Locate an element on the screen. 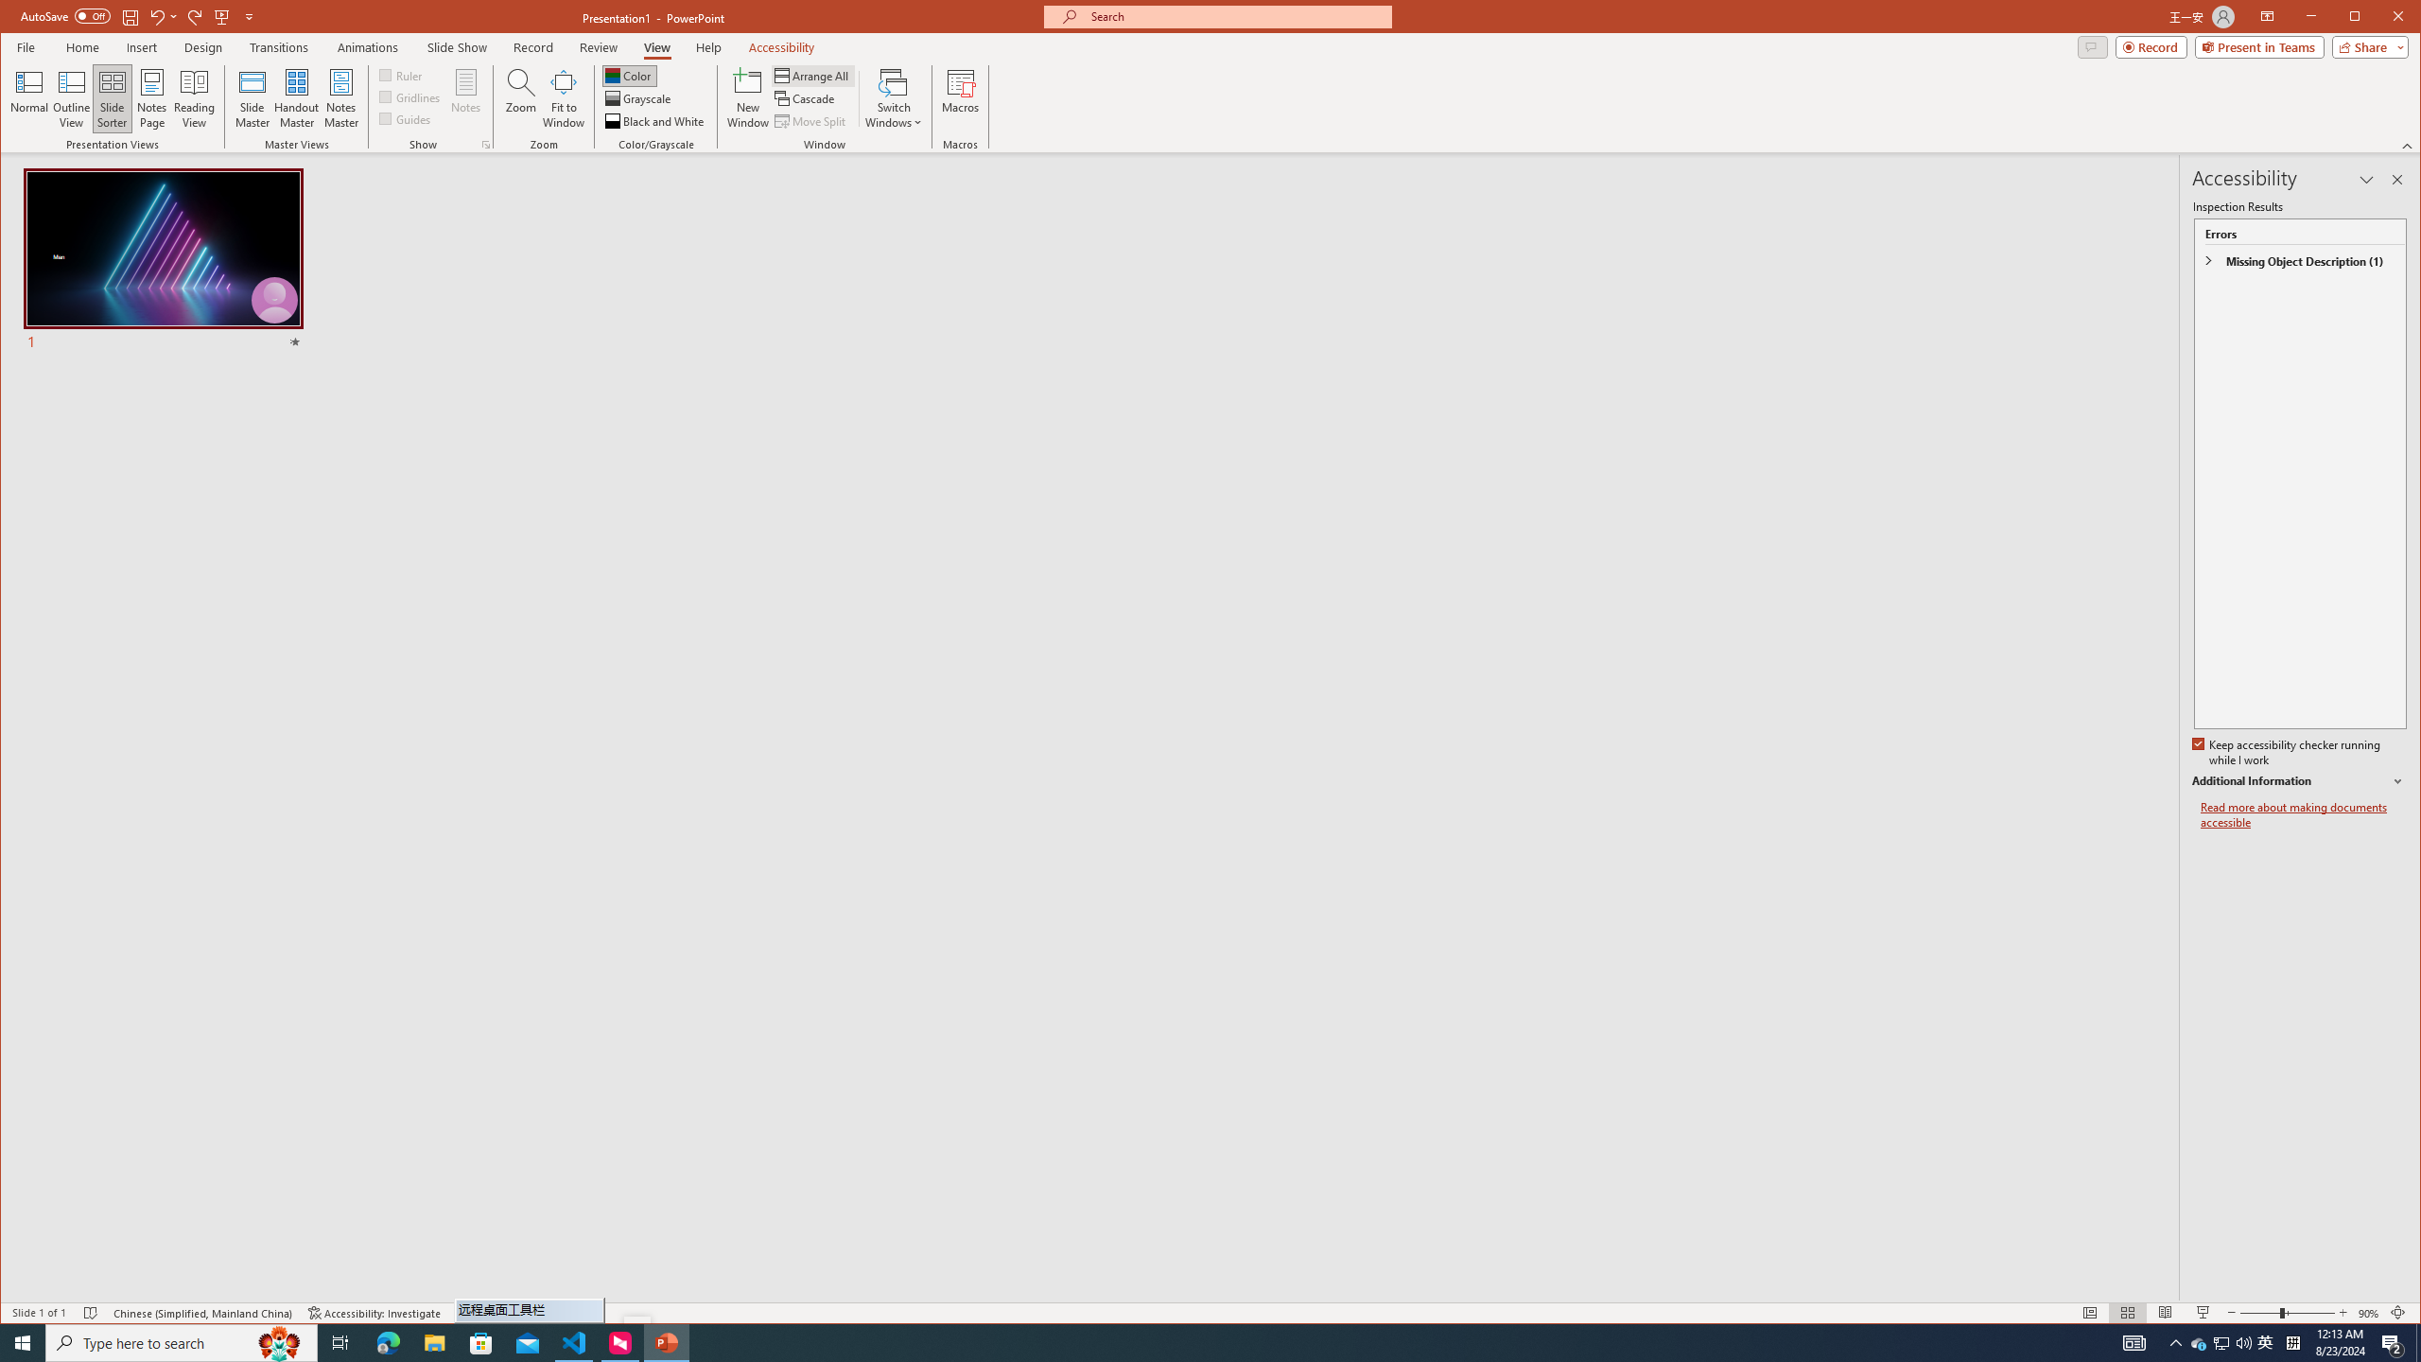  'Guides' is located at coordinates (405, 118).